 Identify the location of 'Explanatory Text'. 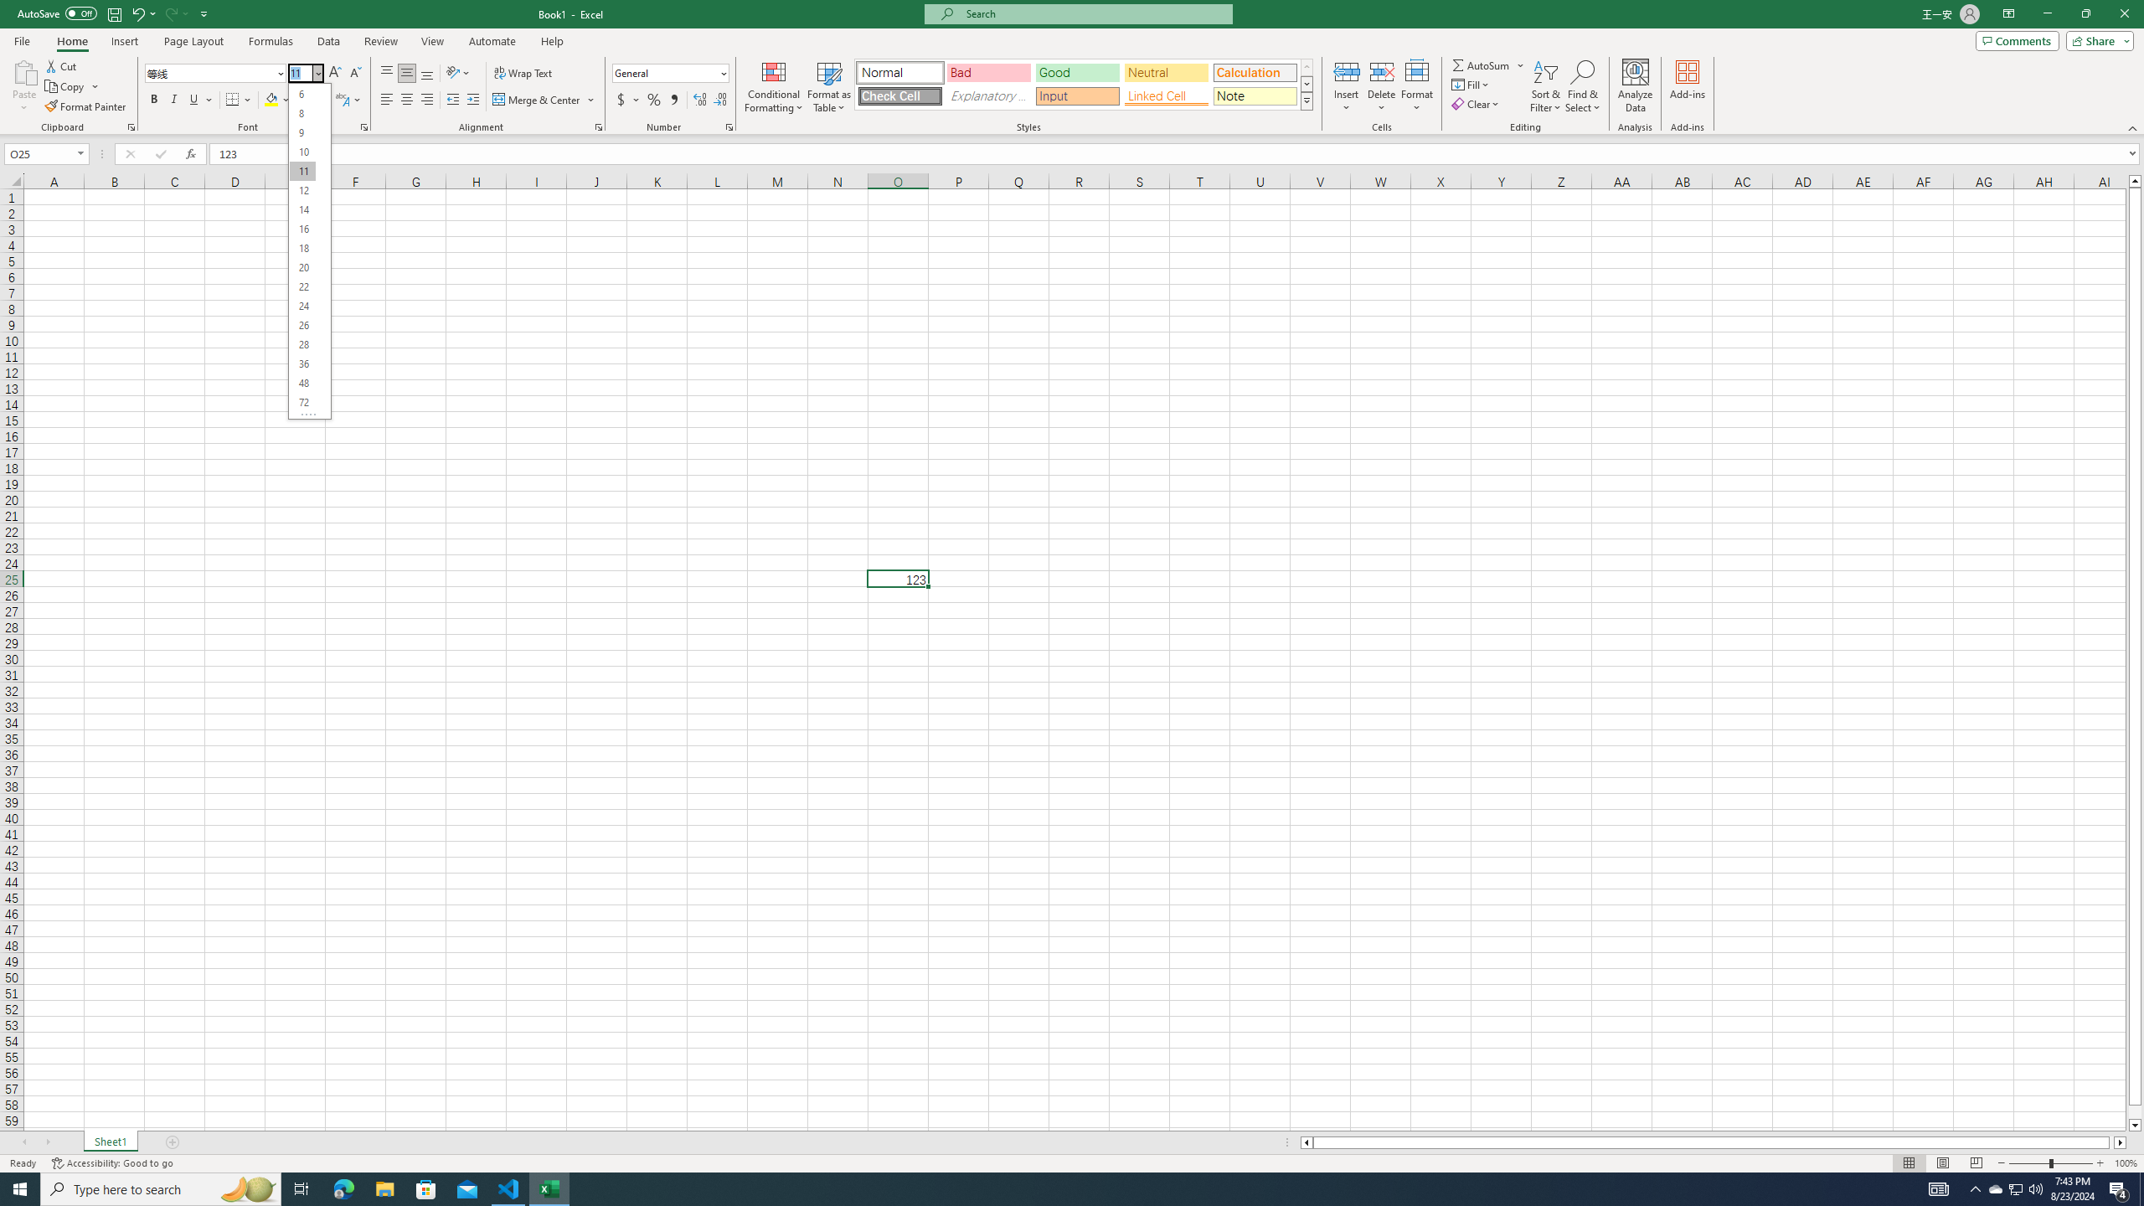
(989, 95).